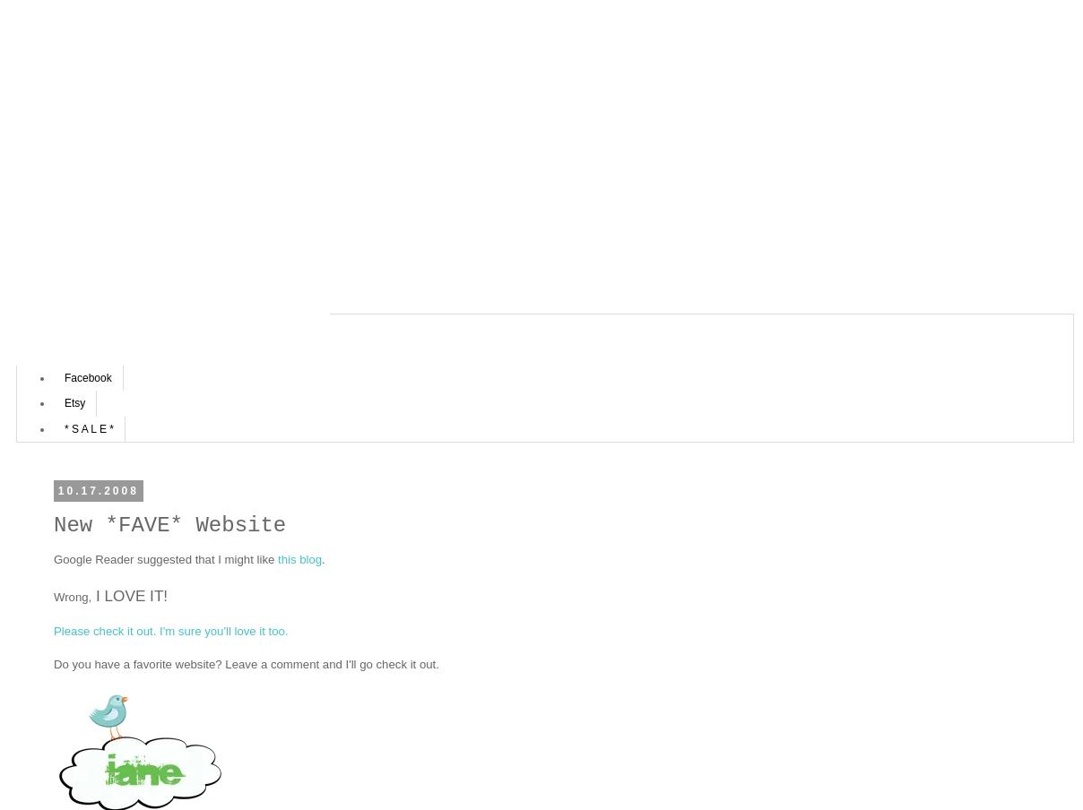 The width and height of the screenshot is (1083, 810). Describe the element at coordinates (165, 559) in the screenshot. I see `'Google Reader suggested that I might like'` at that location.